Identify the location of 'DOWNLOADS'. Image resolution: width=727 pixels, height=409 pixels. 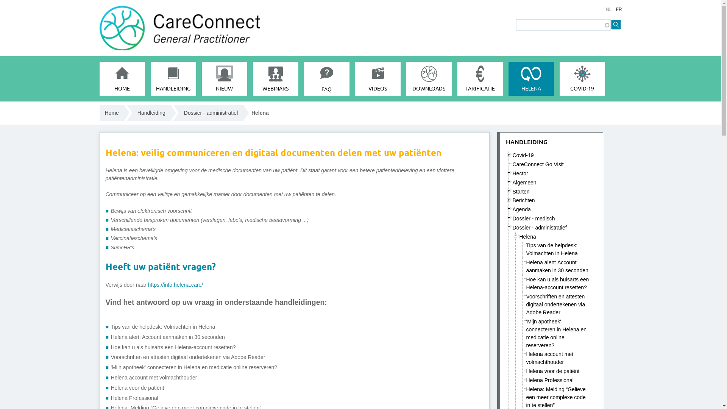
(429, 79).